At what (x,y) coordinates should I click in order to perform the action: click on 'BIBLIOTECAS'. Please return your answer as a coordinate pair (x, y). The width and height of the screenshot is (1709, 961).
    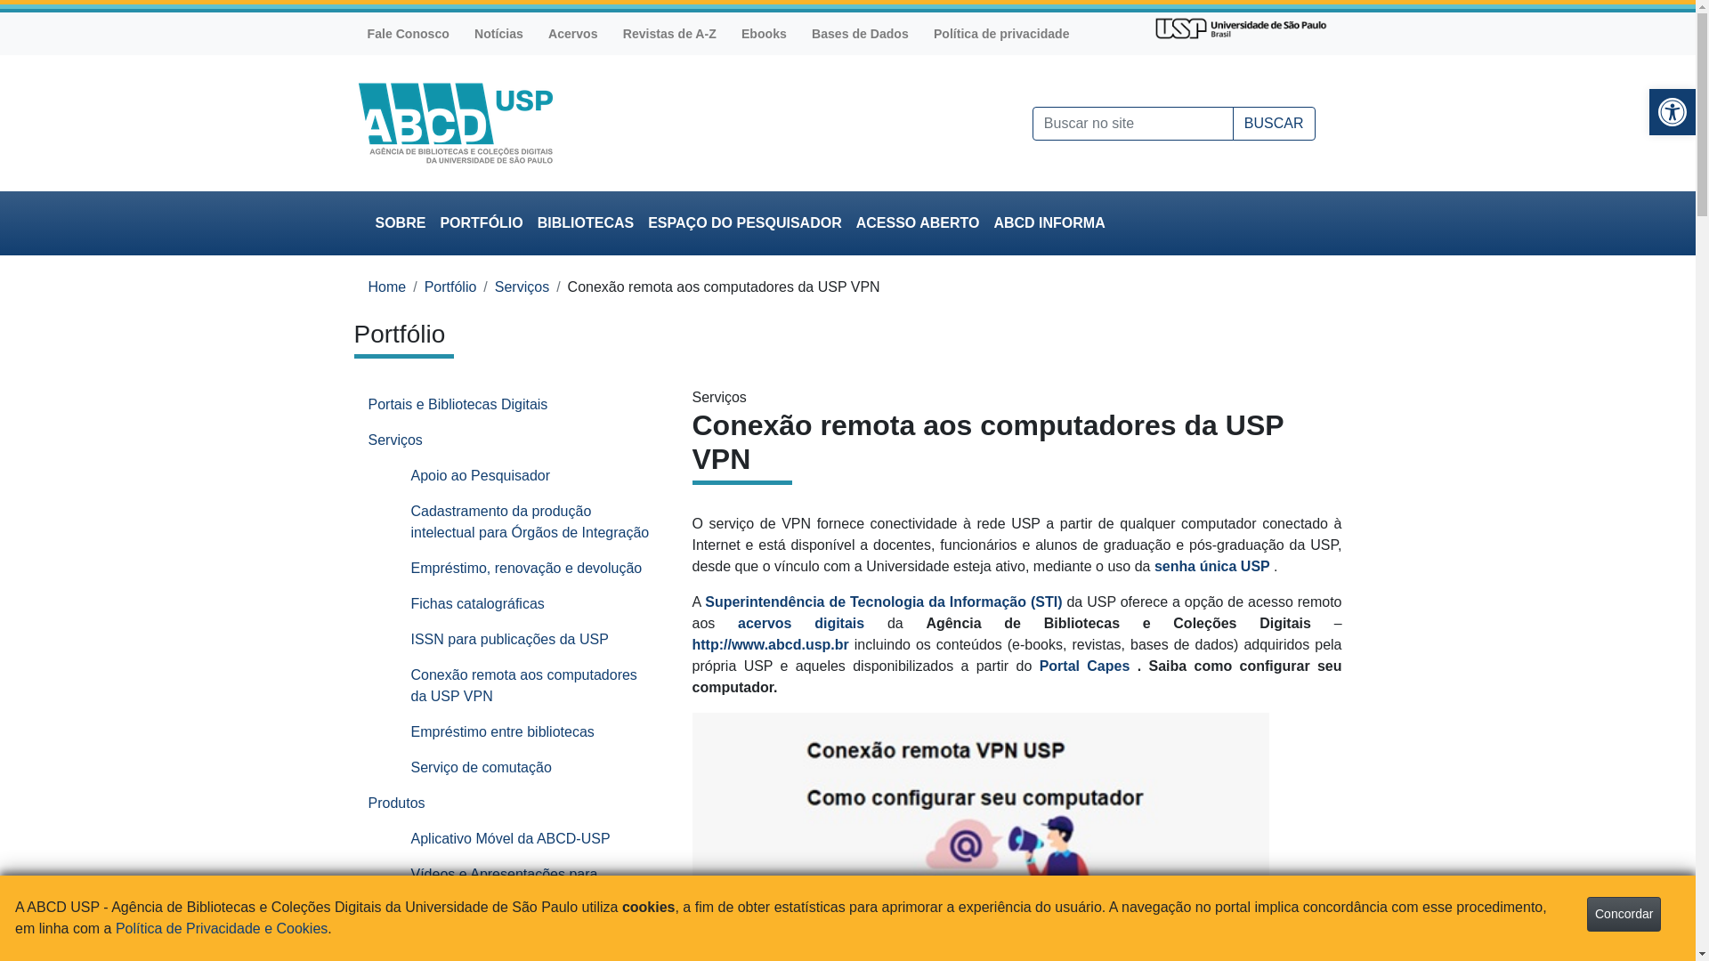
    Looking at the image, I should click on (585, 222).